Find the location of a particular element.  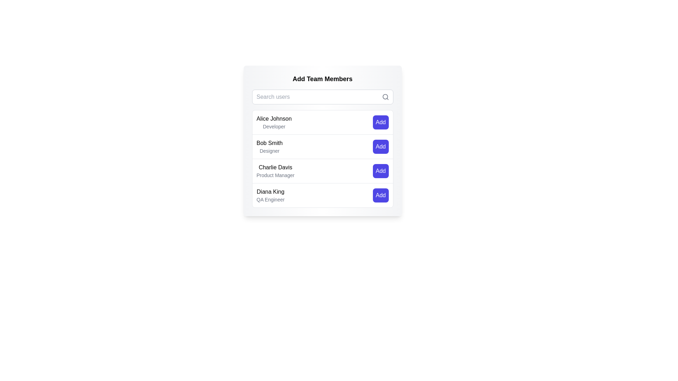

the first static text label representing a team member in the 'Add Team Members' interface, located above the 'Designer' label and below 'Alice Johnson' is located at coordinates (269, 143).